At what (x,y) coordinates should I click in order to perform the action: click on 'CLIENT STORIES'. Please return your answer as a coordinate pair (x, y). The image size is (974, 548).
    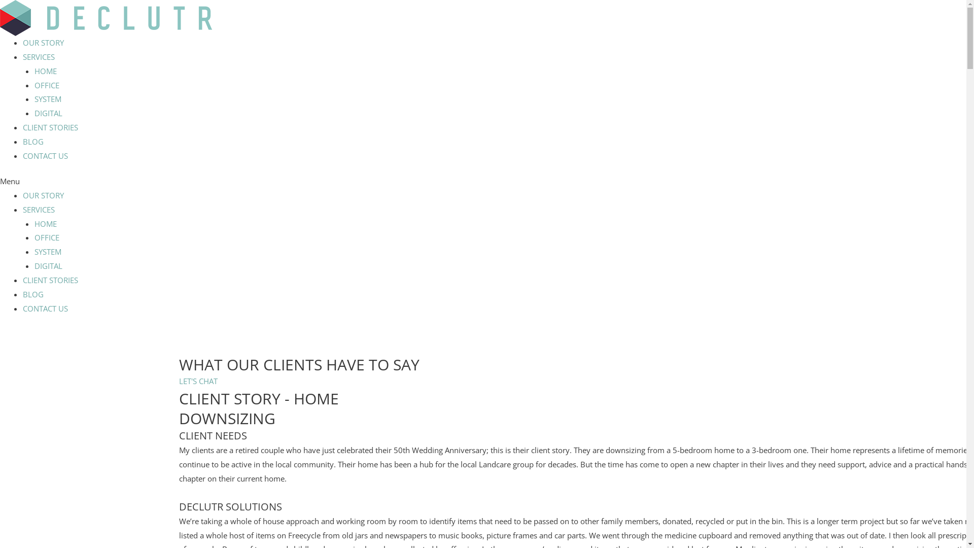
    Looking at the image, I should click on (22, 126).